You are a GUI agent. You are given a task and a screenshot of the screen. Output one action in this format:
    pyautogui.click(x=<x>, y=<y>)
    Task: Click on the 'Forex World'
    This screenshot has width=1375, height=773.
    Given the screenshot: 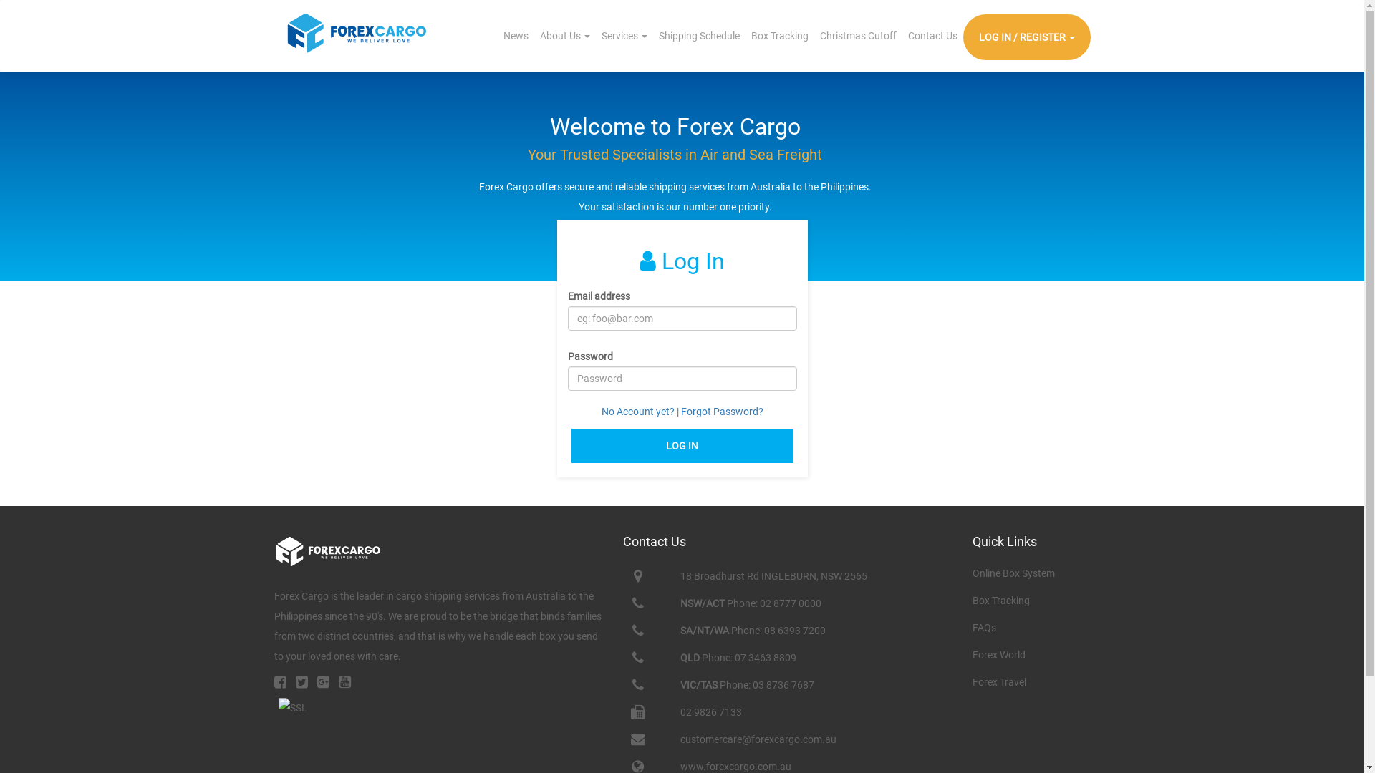 What is the action you would take?
    pyautogui.click(x=998, y=654)
    